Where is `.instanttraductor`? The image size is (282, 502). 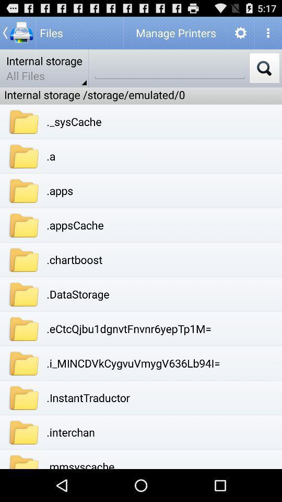 .instanttraductor is located at coordinates (88, 397).